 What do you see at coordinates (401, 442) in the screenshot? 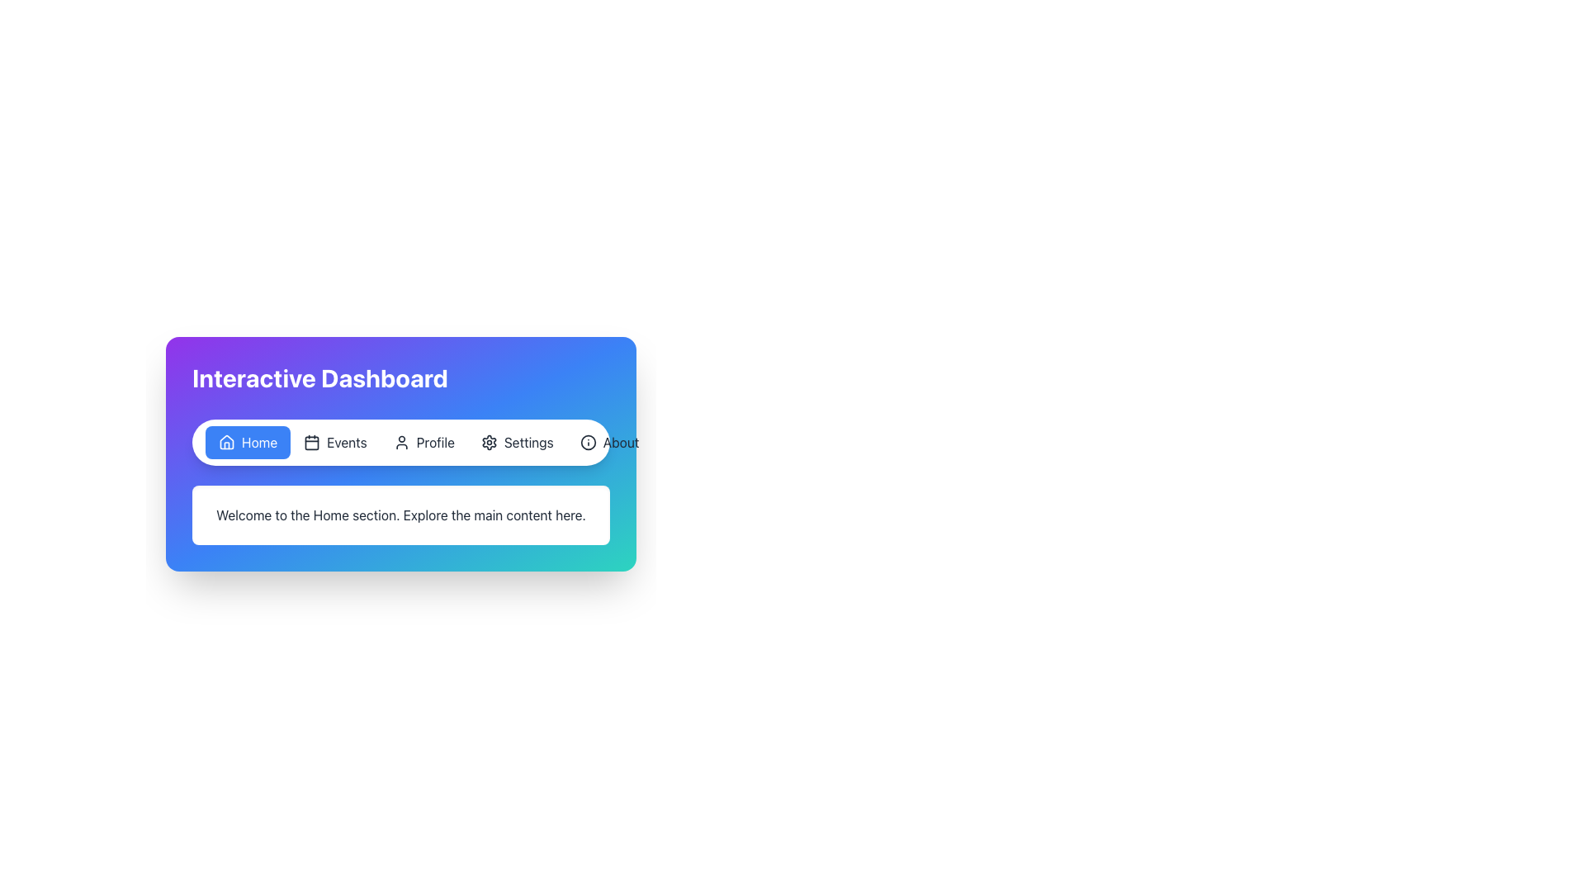
I see `the user profile icon, which is represented as a silhouette of a person outlined with a thin black stroke, located to the left of the text 'Profile' in the horizontal navigation bar` at bounding box center [401, 442].